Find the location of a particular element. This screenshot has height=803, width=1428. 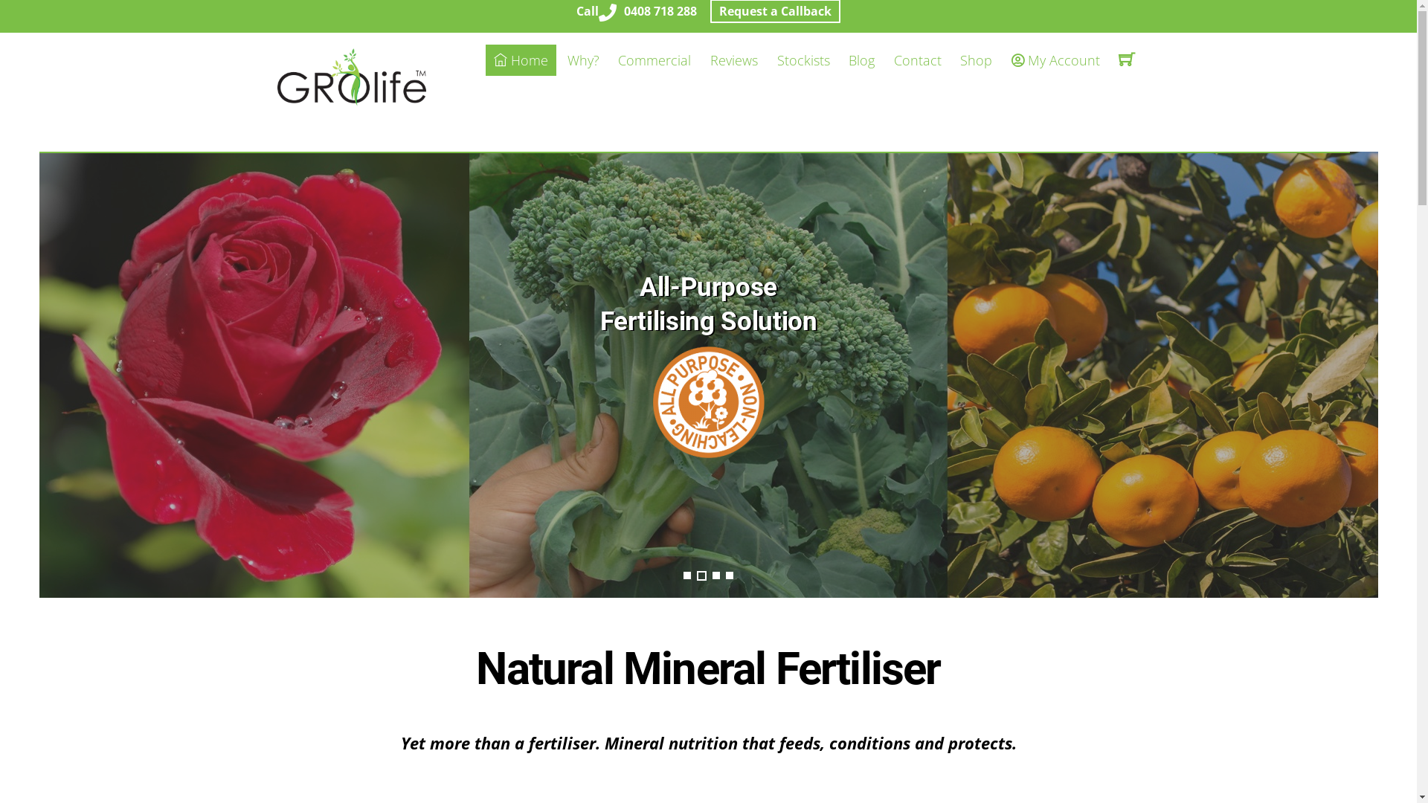

'Contact' is located at coordinates (916, 59).